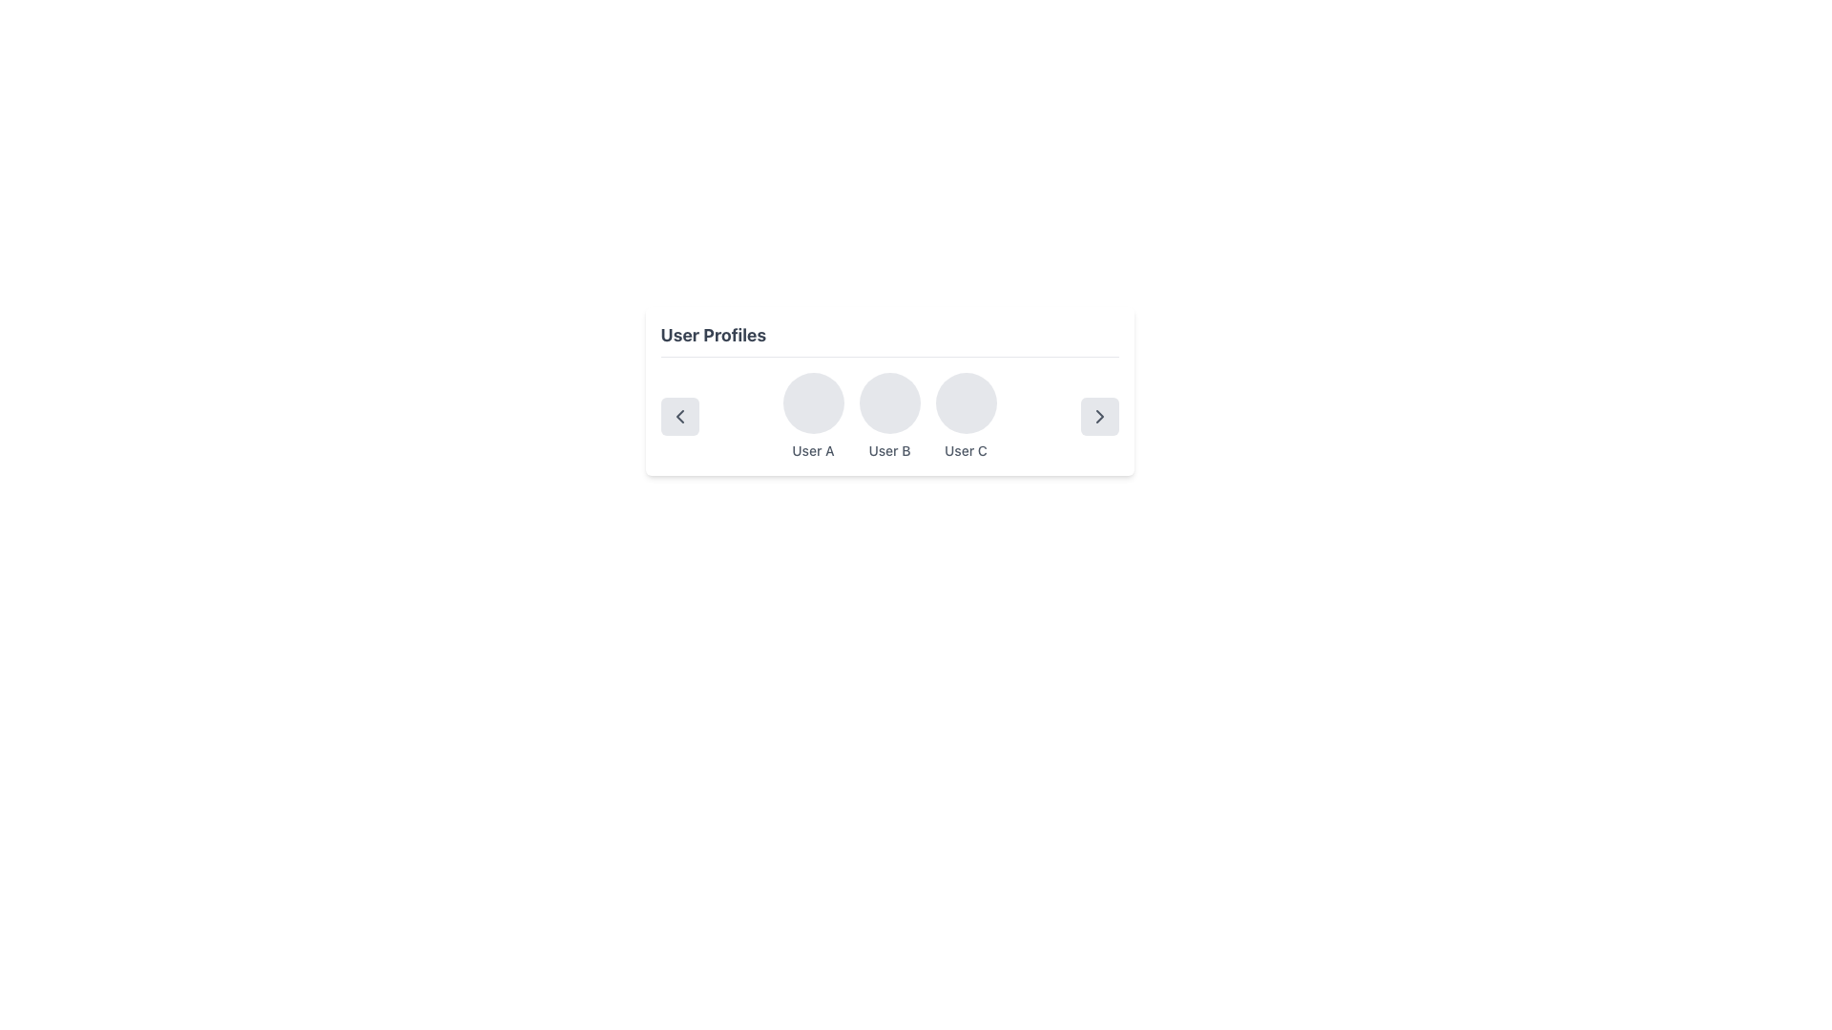  I want to click on the text label reading 'User C', which is the third label in a row of similar labels located beneath a circular avatar within a user profile section, so click(966, 451).